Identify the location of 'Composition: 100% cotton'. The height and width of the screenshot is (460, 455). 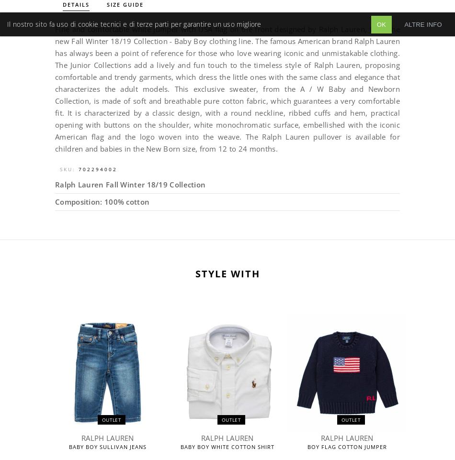
(102, 200).